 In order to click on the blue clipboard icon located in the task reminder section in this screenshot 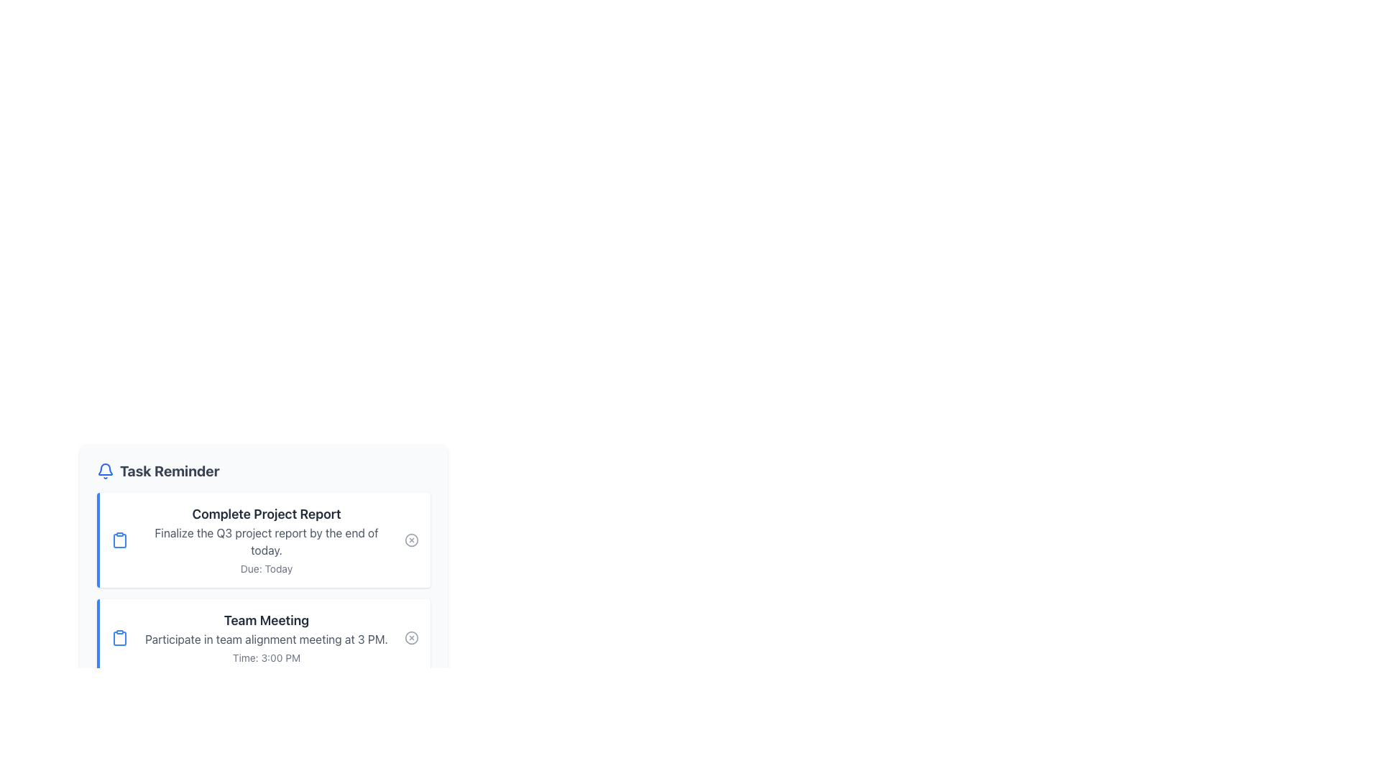, I will do `click(120, 540)`.